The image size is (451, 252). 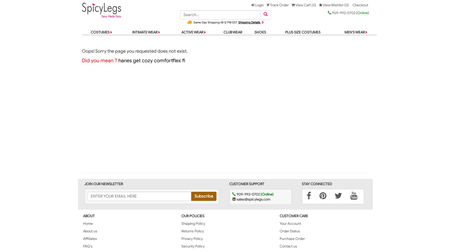 What do you see at coordinates (151, 60) in the screenshot?
I see `'hanes get cozy comfortflex fi'` at bounding box center [151, 60].